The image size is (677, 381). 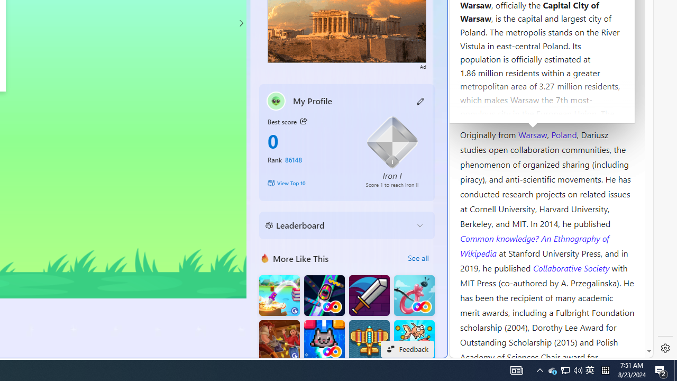 What do you see at coordinates (324, 295) in the screenshot?
I see `'Bumper Car FRVR'` at bounding box center [324, 295].